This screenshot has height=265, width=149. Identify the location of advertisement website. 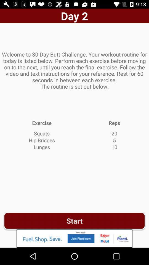
(74, 238).